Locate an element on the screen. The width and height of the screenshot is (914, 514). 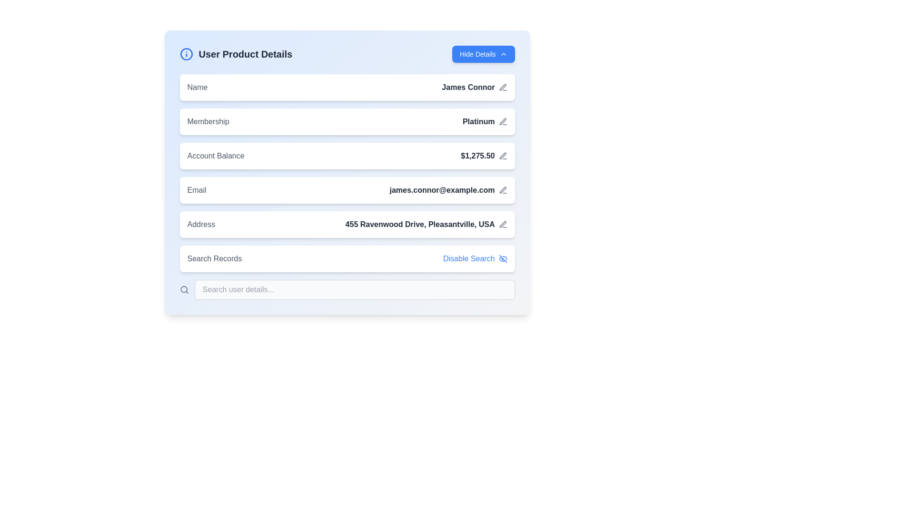
the gray pen icon located to the right of the '$1,275.50' account balance to initiate the edit for the account balance is located at coordinates (502, 155).